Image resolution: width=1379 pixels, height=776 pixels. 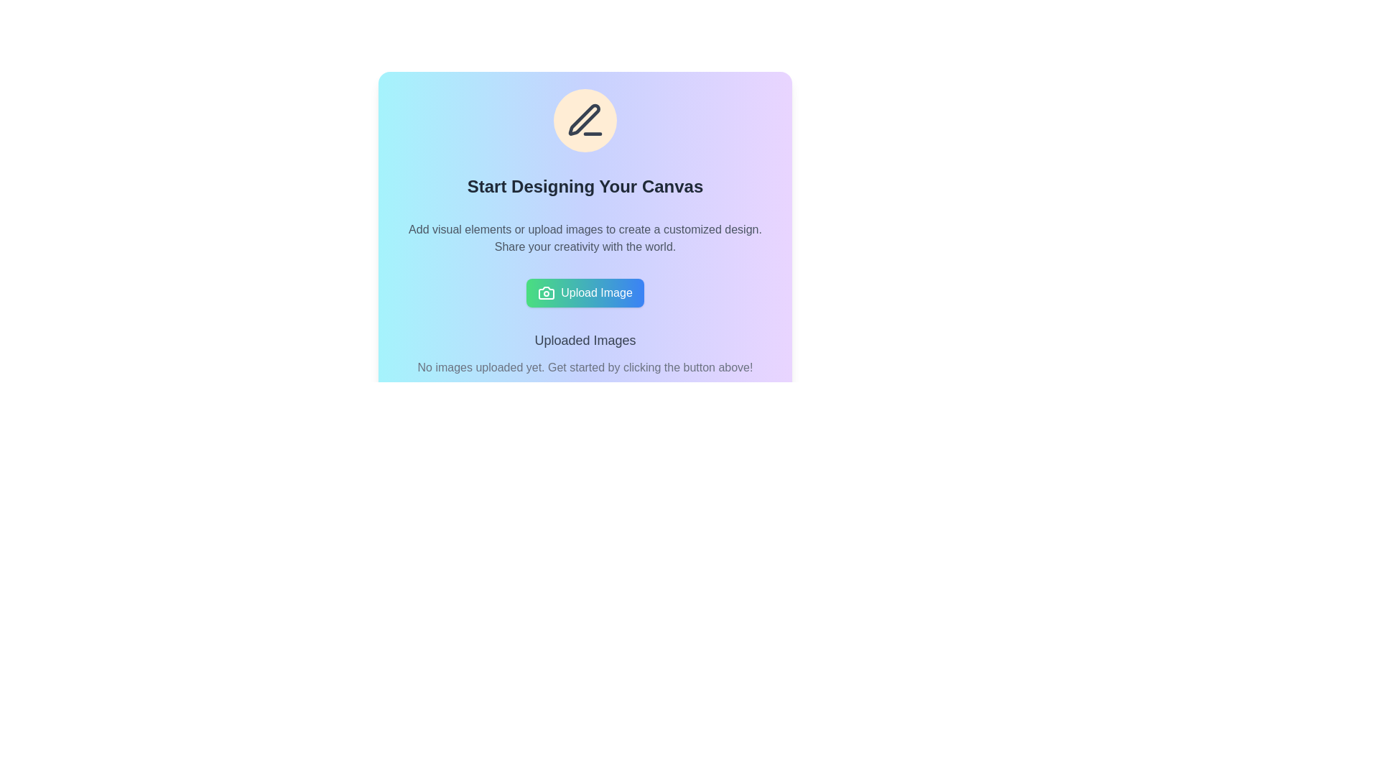 What do you see at coordinates (585, 367) in the screenshot?
I see `the text element that reads 'No images uploaded yet. Get started by clicking the button above!', which is visually aligned beneath the 'Uploaded Images' heading` at bounding box center [585, 367].